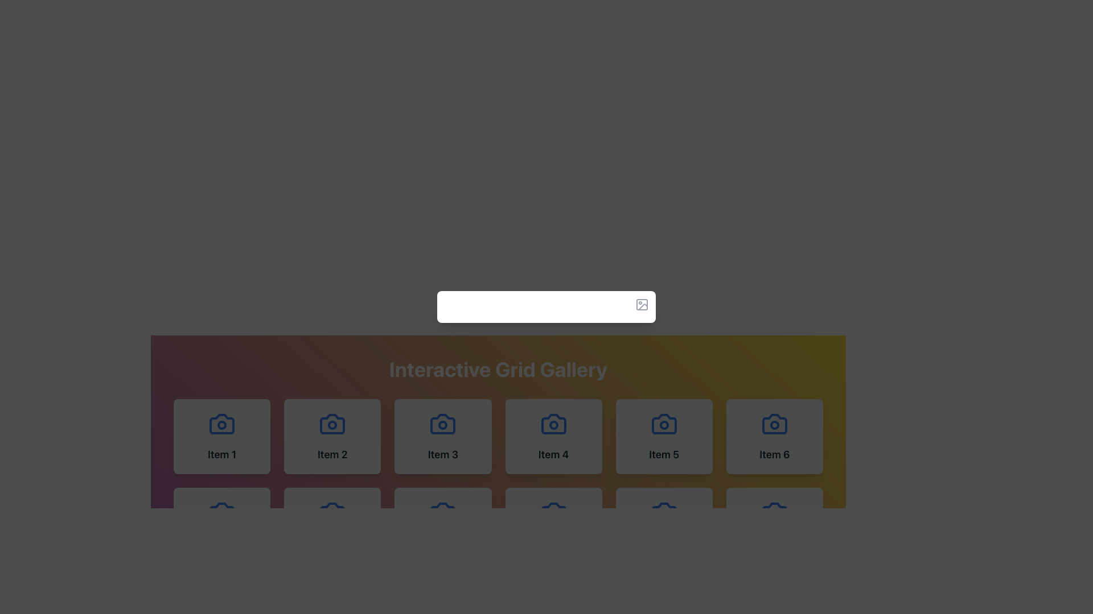 This screenshot has height=614, width=1093. I want to click on the camera icon, so click(222, 424).